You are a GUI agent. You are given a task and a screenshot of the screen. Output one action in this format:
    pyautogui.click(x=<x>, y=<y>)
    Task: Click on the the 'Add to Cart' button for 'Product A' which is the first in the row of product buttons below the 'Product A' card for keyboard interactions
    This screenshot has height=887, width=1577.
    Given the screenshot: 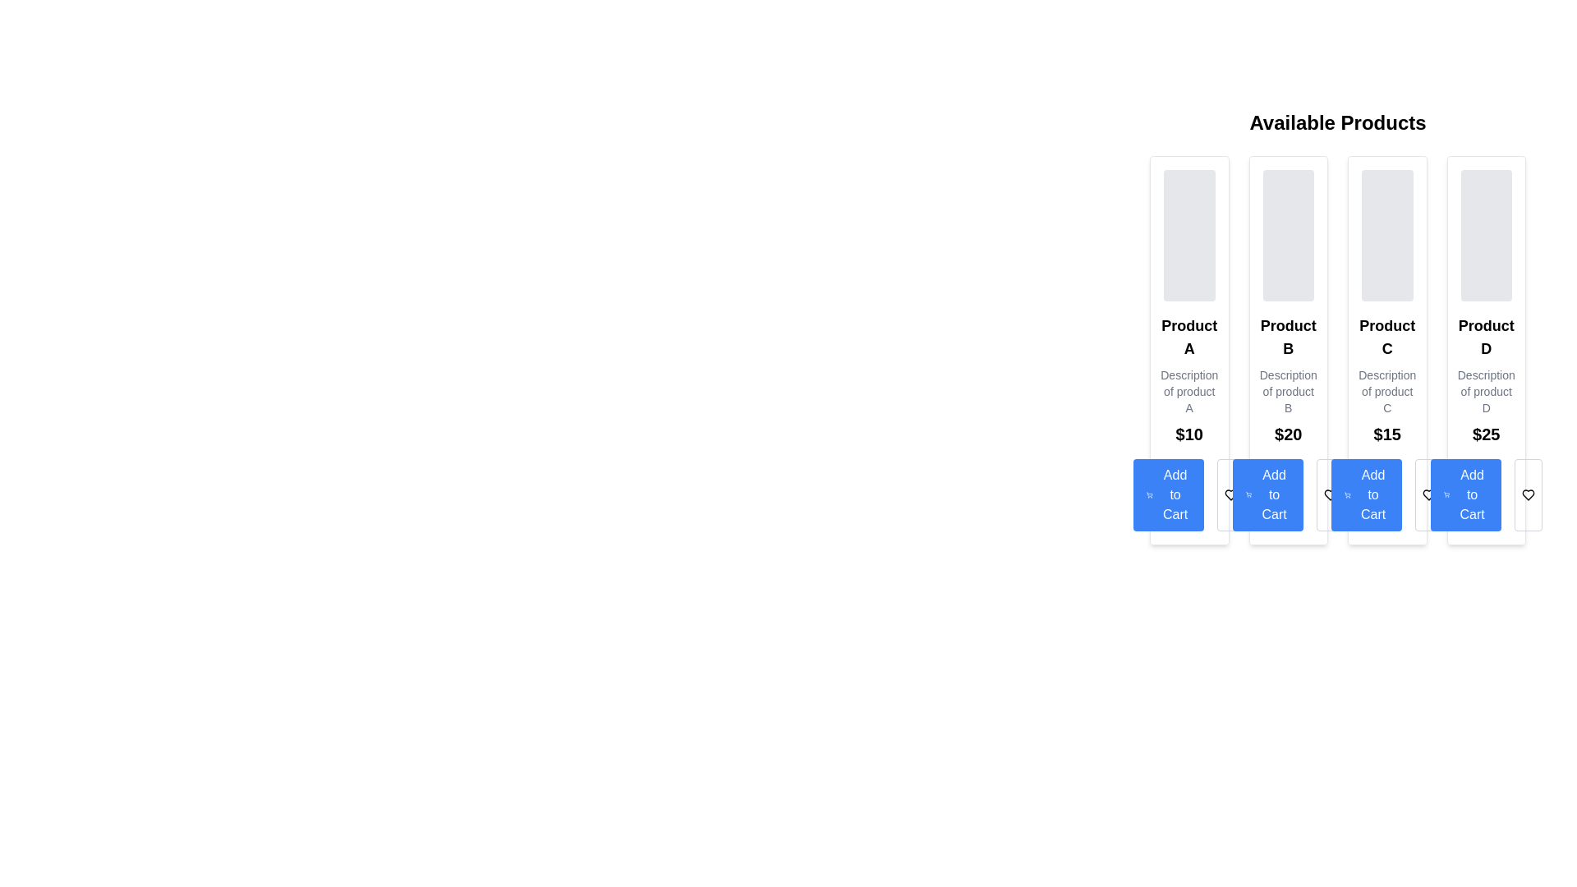 What is the action you would take?
    pyautogui.click(x=1168, y=494)
    